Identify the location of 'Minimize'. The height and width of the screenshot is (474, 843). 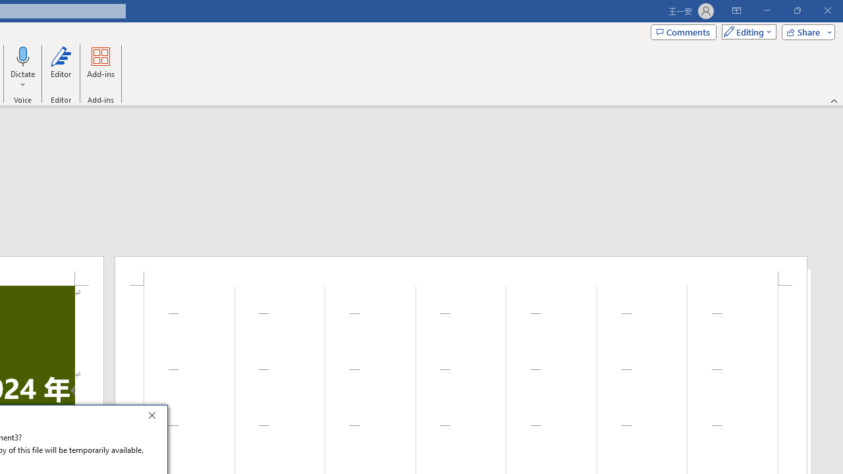
(767, 11).